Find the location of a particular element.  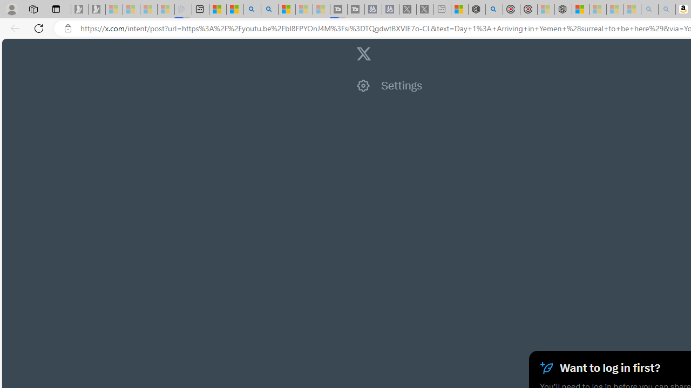

'X - Sleeping' is located at coordinates (424, 9).